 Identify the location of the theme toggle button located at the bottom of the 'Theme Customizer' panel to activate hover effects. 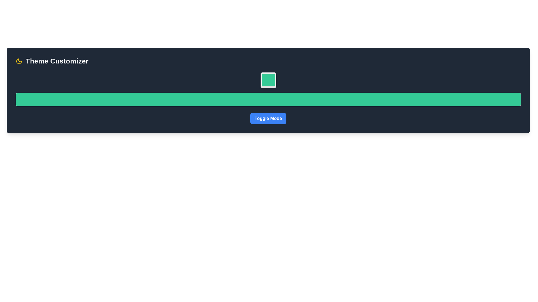
(268, 118).